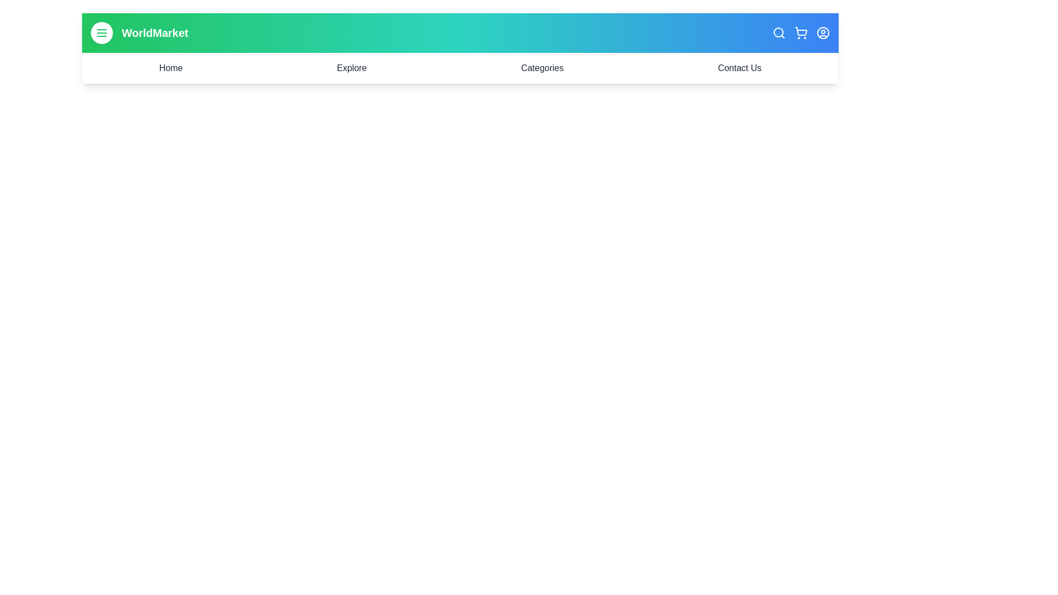 Image resolution: width=1058 pixels, height=595 pixels. I want to click on the search icon in the app bar, so click(779, 33).